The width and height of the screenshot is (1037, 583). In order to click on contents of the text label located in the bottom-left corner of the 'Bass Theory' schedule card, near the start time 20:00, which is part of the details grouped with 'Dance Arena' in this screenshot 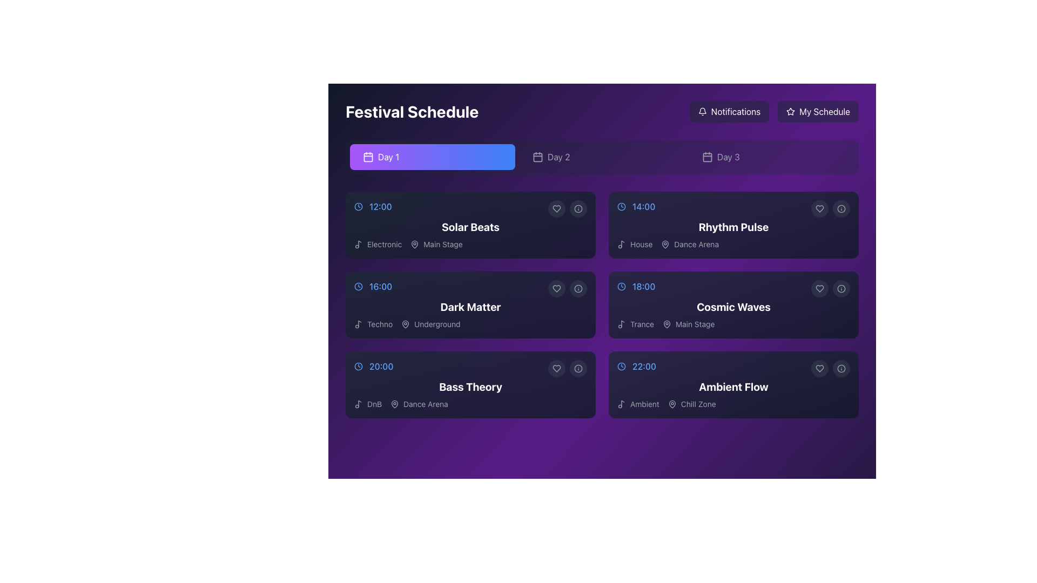, I will do `click(368, 404)`.